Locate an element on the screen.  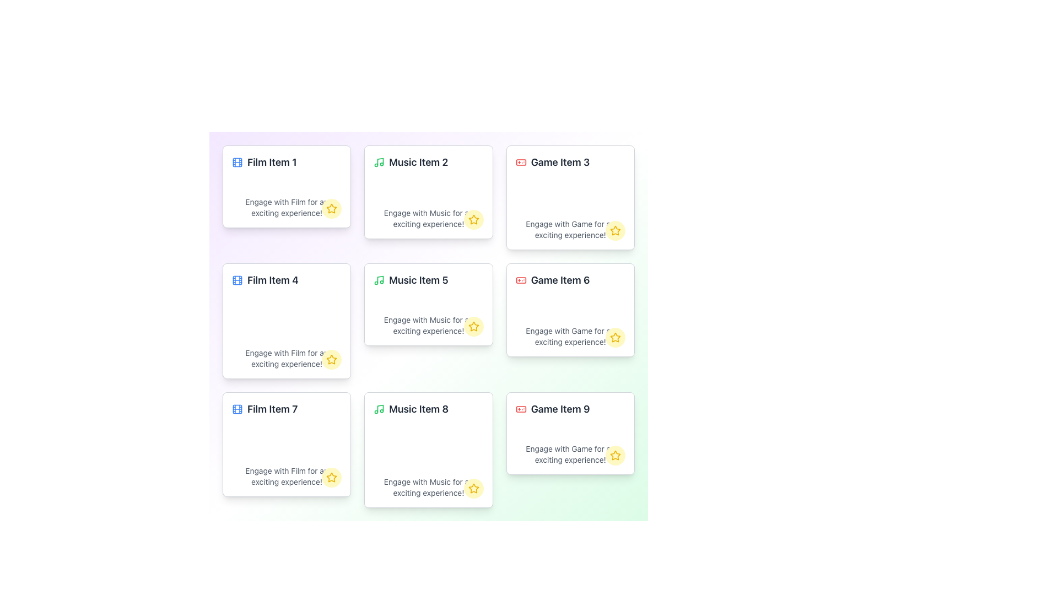
the decorative element located at the center of the gamepad icon in the upper section of the third card in the first row of a 3x3 grid layout is located at coordinates (520, 162).